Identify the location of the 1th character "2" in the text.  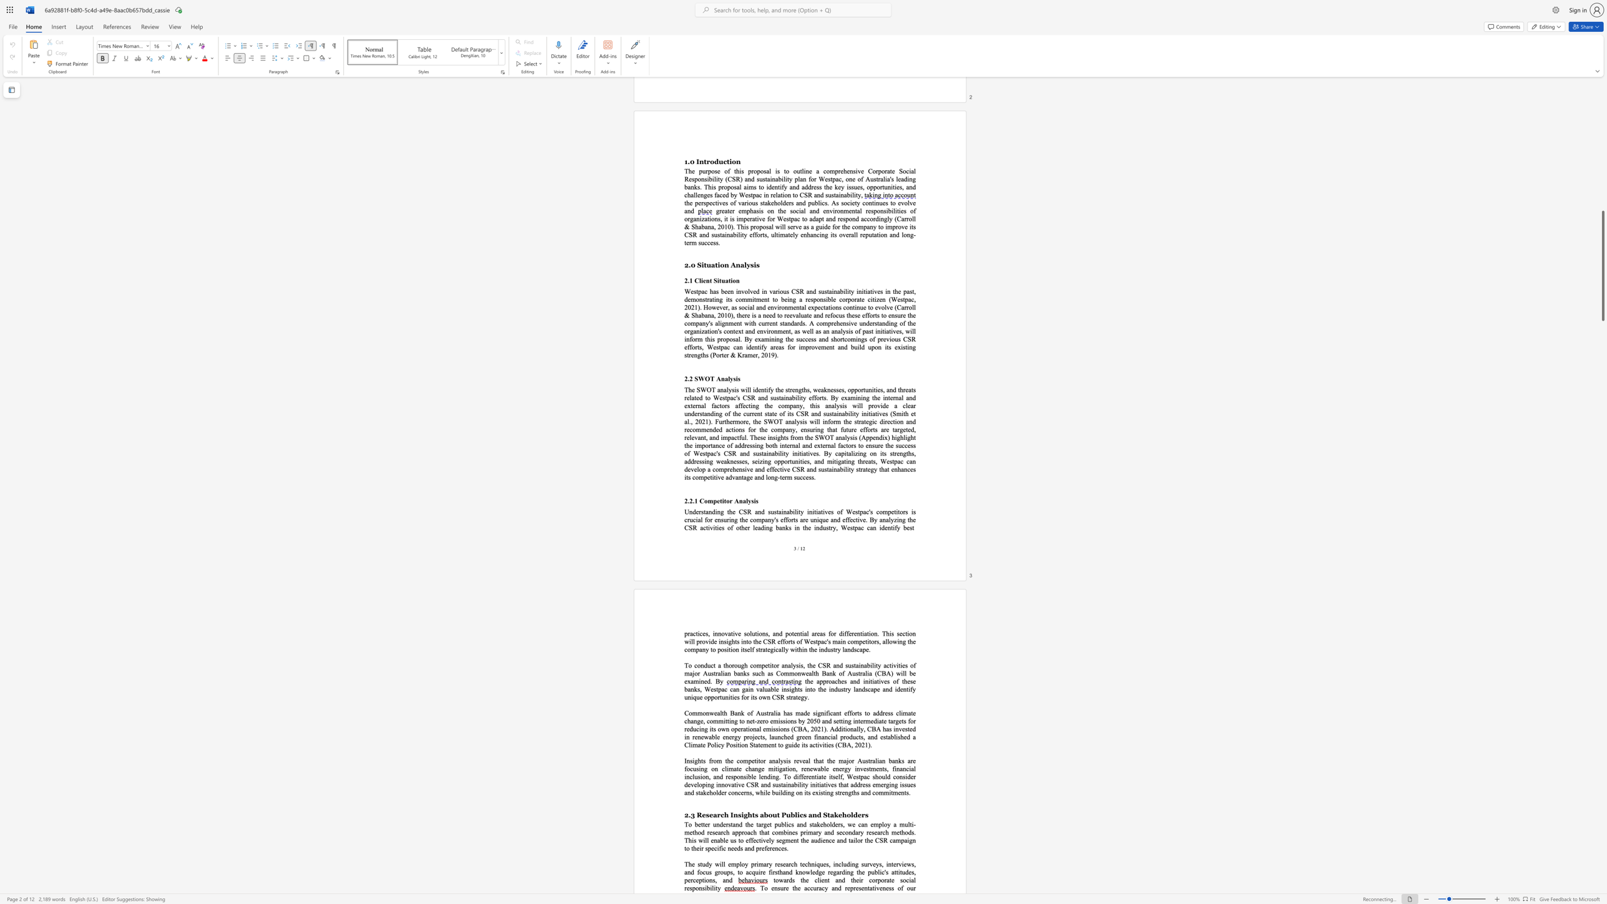
(686, 815).